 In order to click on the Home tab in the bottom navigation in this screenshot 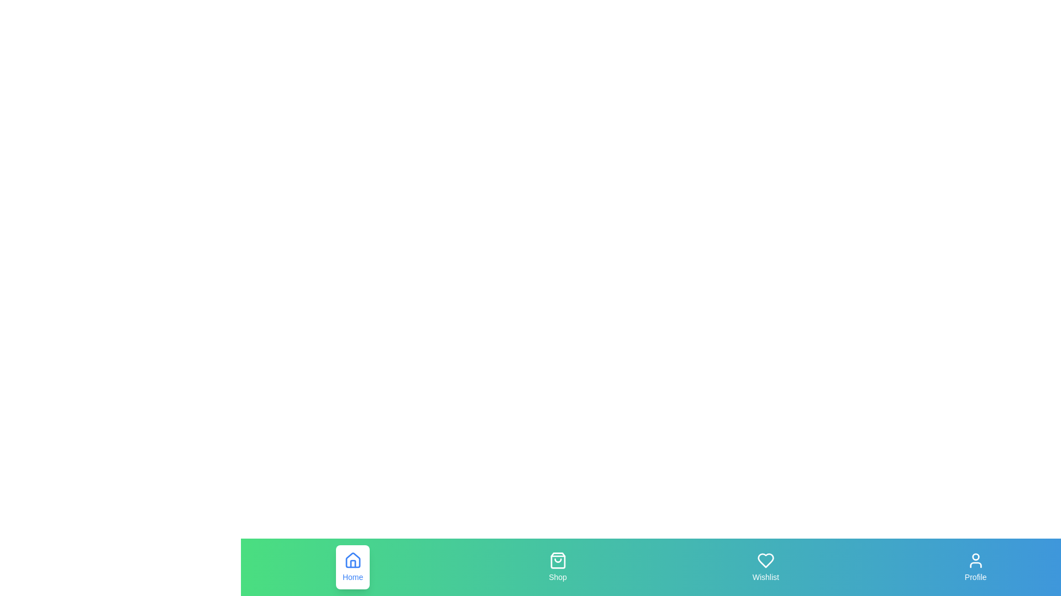, I will do `click(352, 567)`.